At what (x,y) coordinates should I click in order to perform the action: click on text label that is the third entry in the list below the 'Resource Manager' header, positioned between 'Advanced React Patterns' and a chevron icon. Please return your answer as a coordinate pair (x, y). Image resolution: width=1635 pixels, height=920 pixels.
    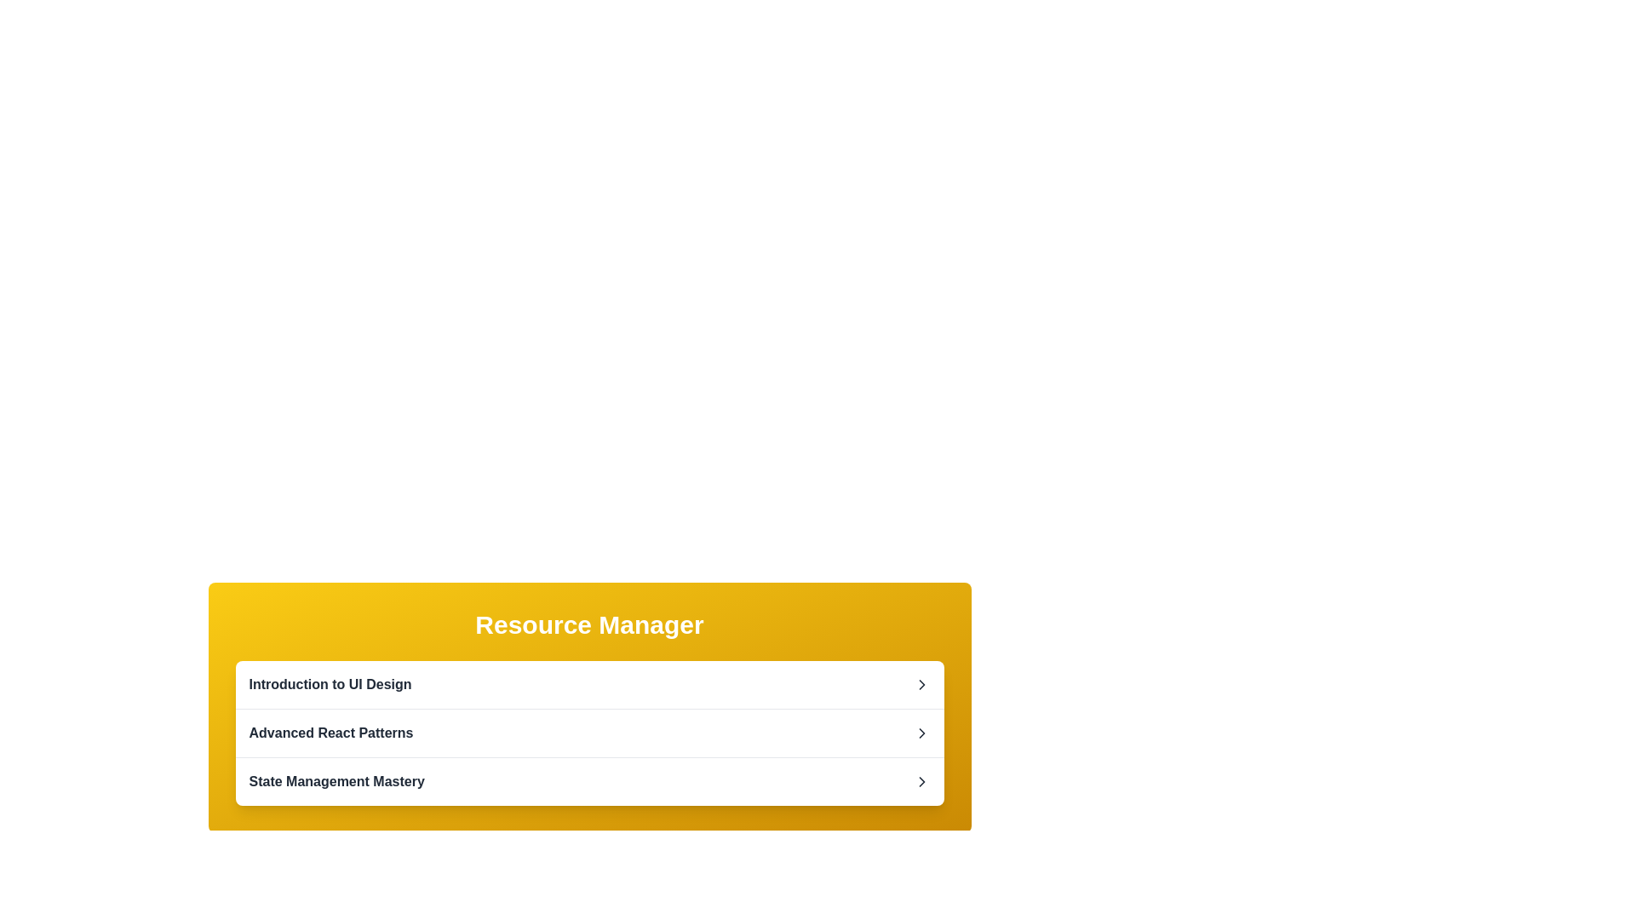
    Looking at the image, I should click on (336, 782).